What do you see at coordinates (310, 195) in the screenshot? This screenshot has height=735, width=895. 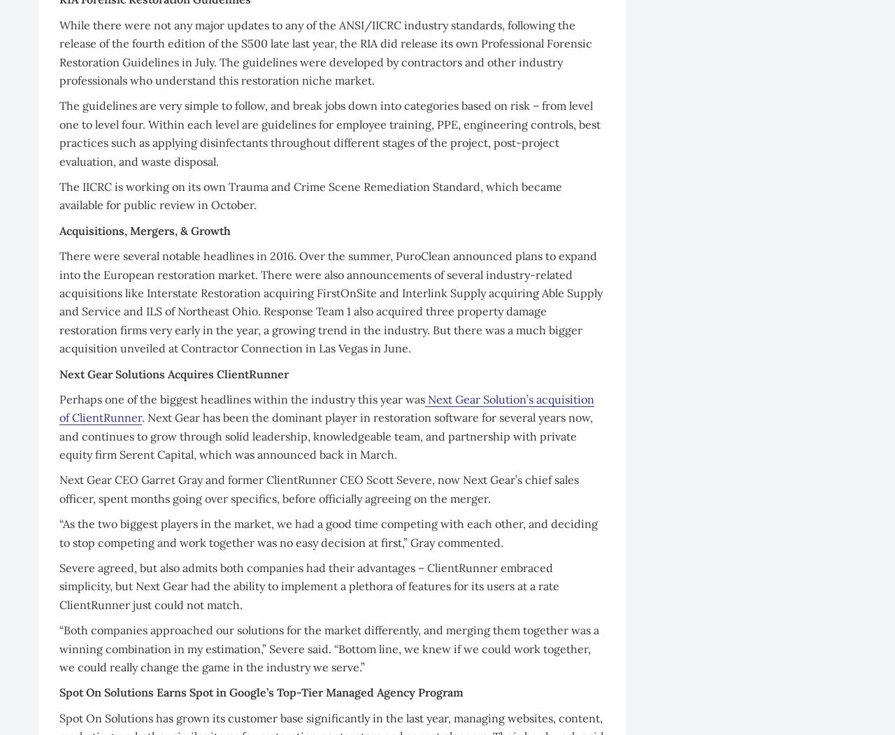 I see `'The IICRC is working on its own Trauma and Crime Scene Remediation Standard, which became available for public review in October.'` at bounding box center [310, 195].